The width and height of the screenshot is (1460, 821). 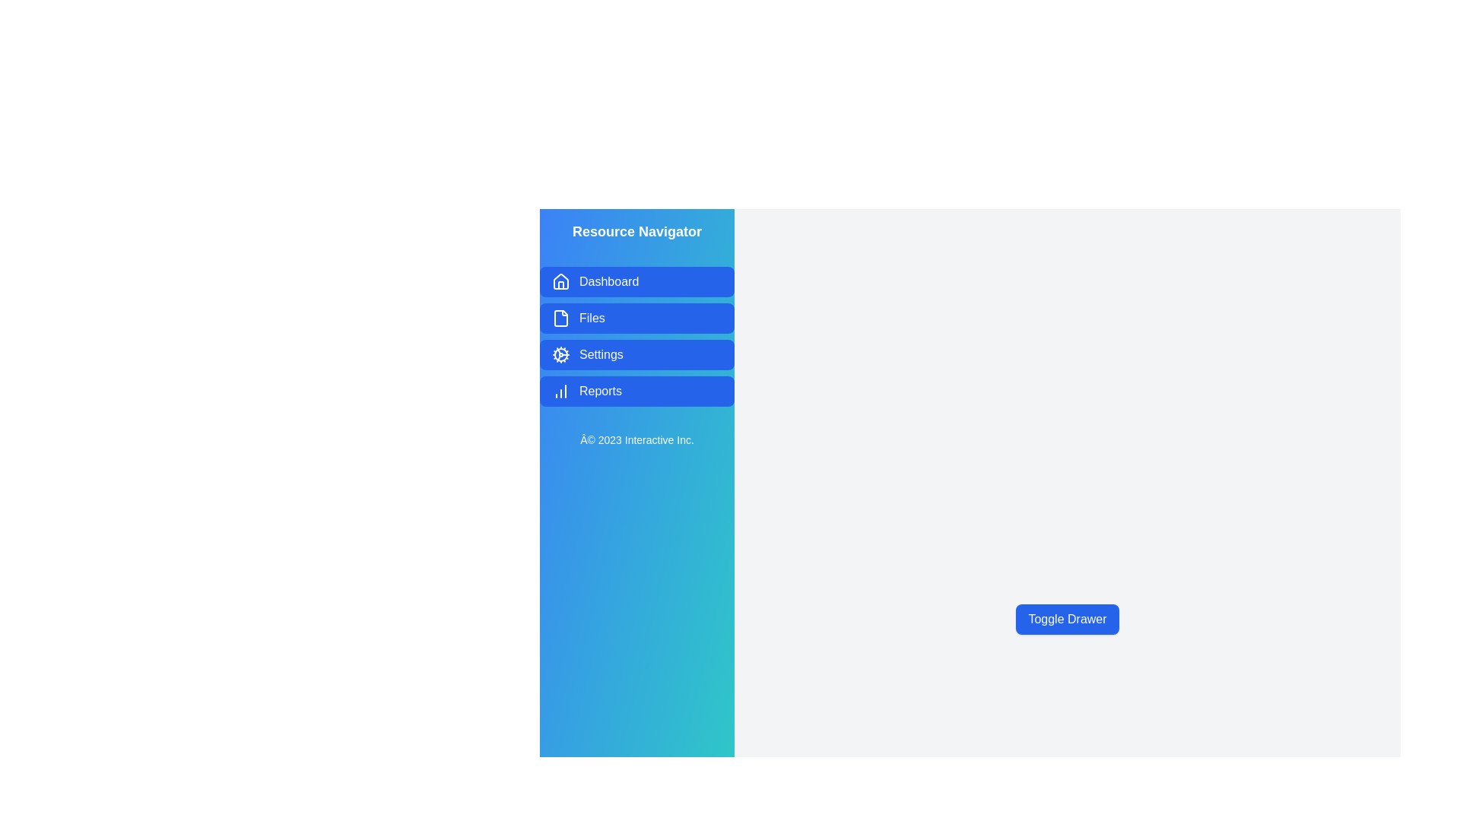 What do you see at coordinates (637, 391) in the screenshot?
I see `the navigation item Reports from the Resource Navigator` at bounding box center [637, 391].